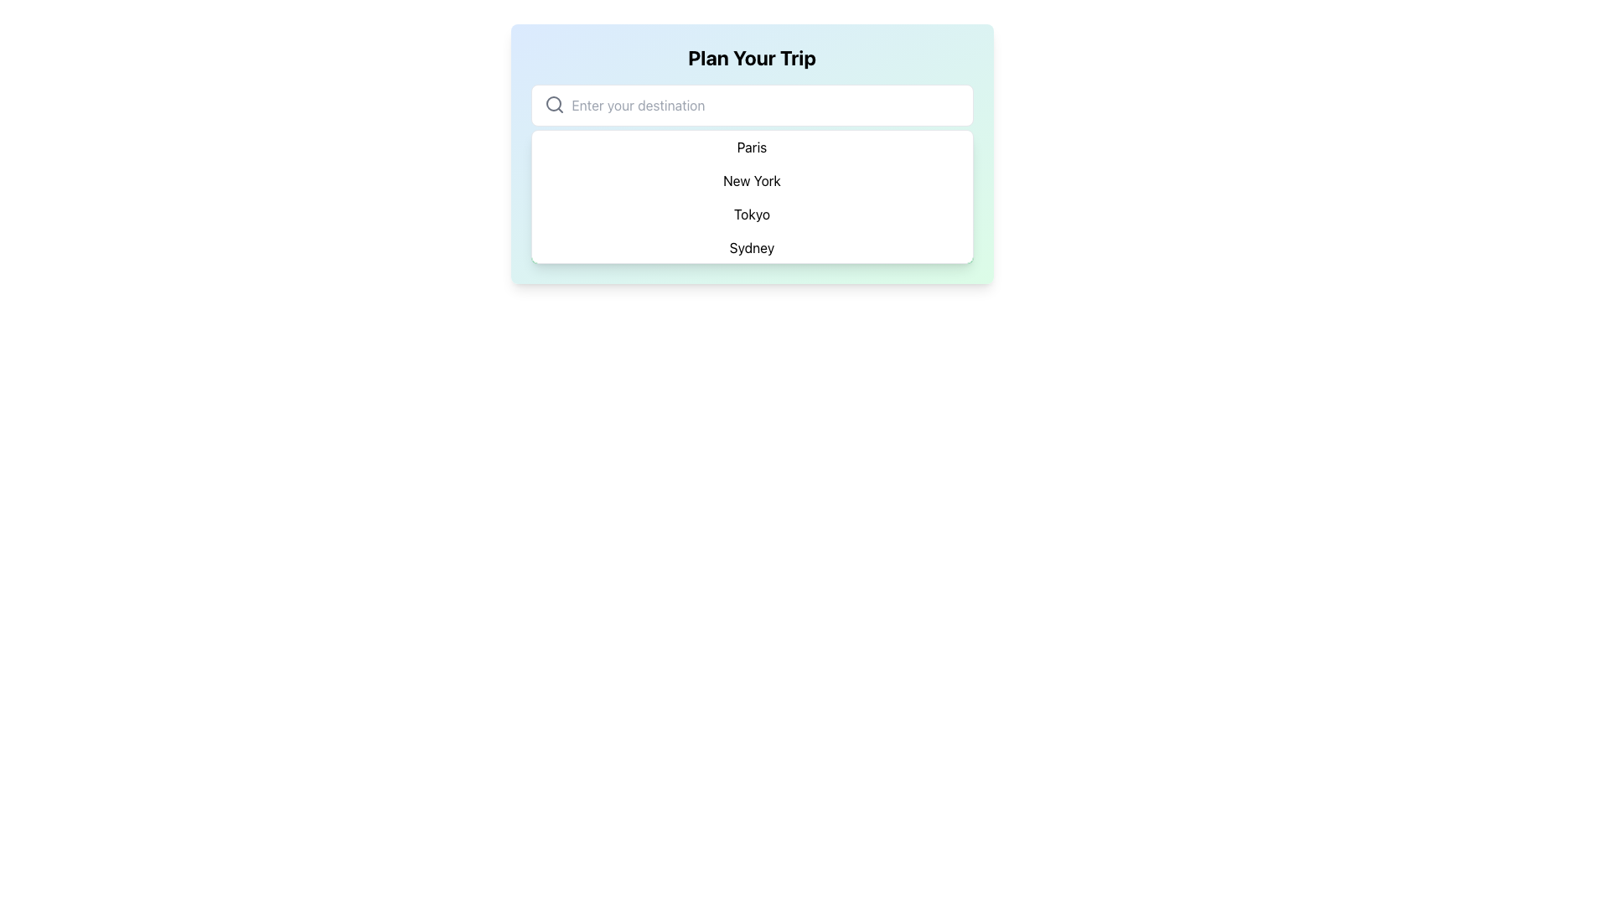 This screenshot has width=1609, height=905. Describe the element at coordinates (751, 148) in the screenshot. I see `the text item 'Paris' in the selectable list` at that location.